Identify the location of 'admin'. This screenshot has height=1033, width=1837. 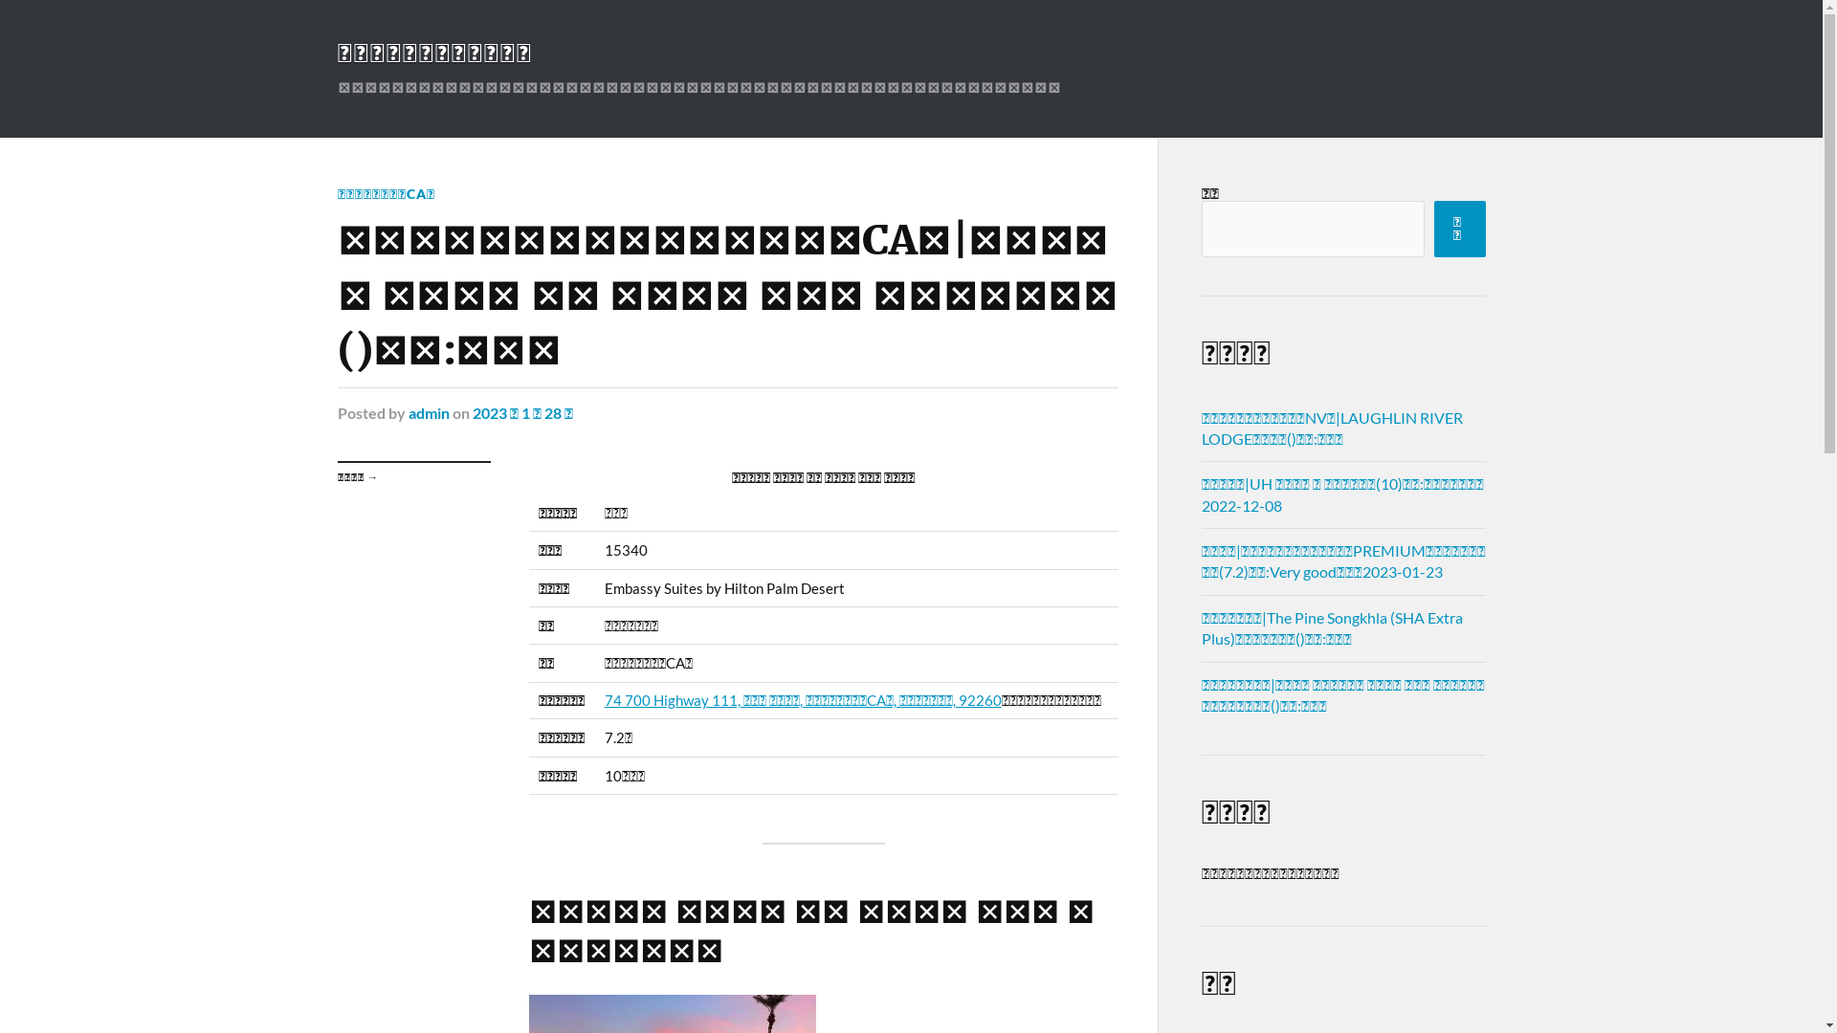
(427, 411).